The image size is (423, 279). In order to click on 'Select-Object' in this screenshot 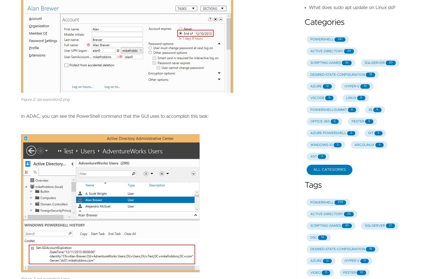, I will do `click(40, 81)`.